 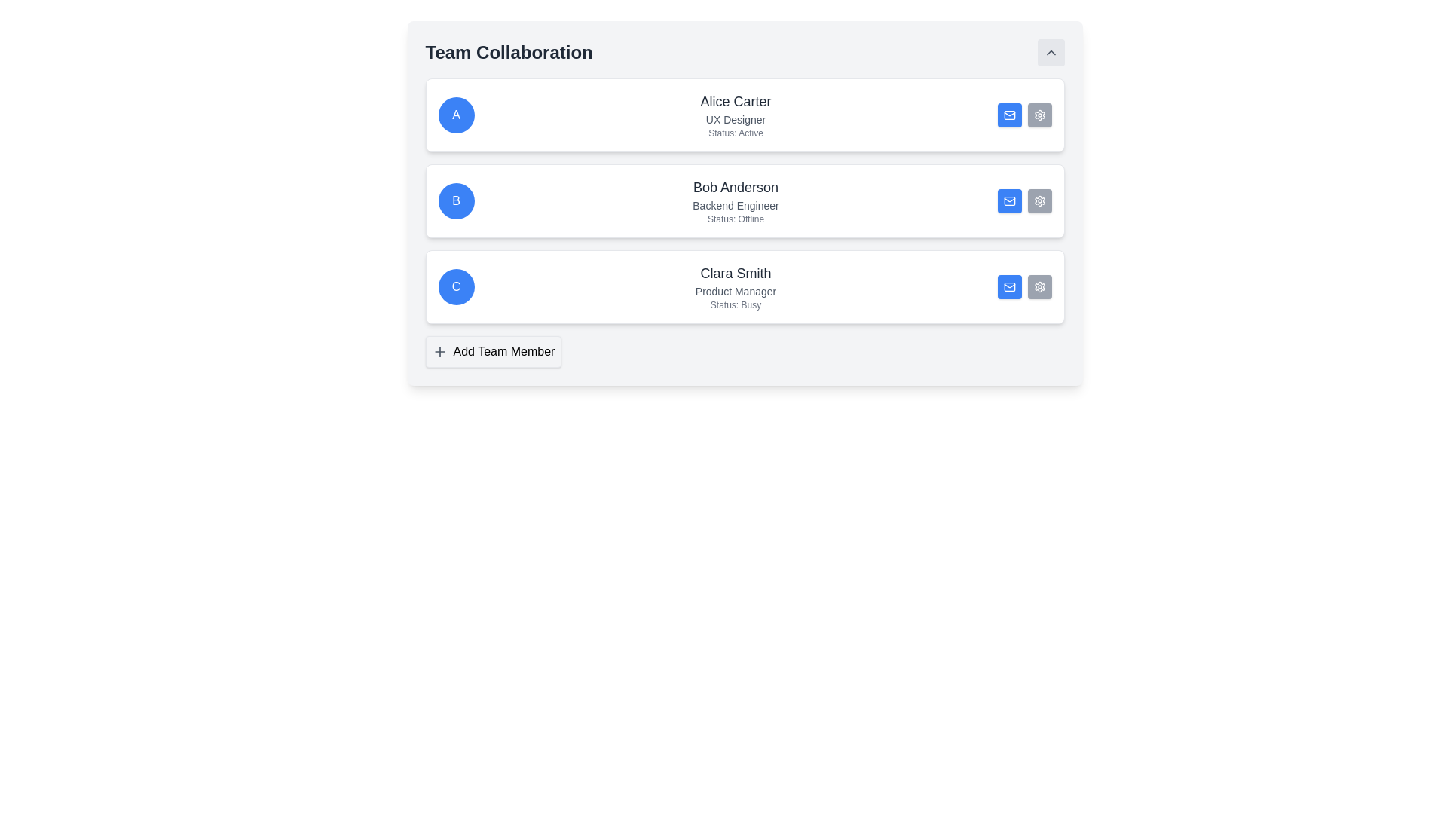 I want to click on the gear icon located in the top-right corner of the first user panel, so click(x=1039, y=115).